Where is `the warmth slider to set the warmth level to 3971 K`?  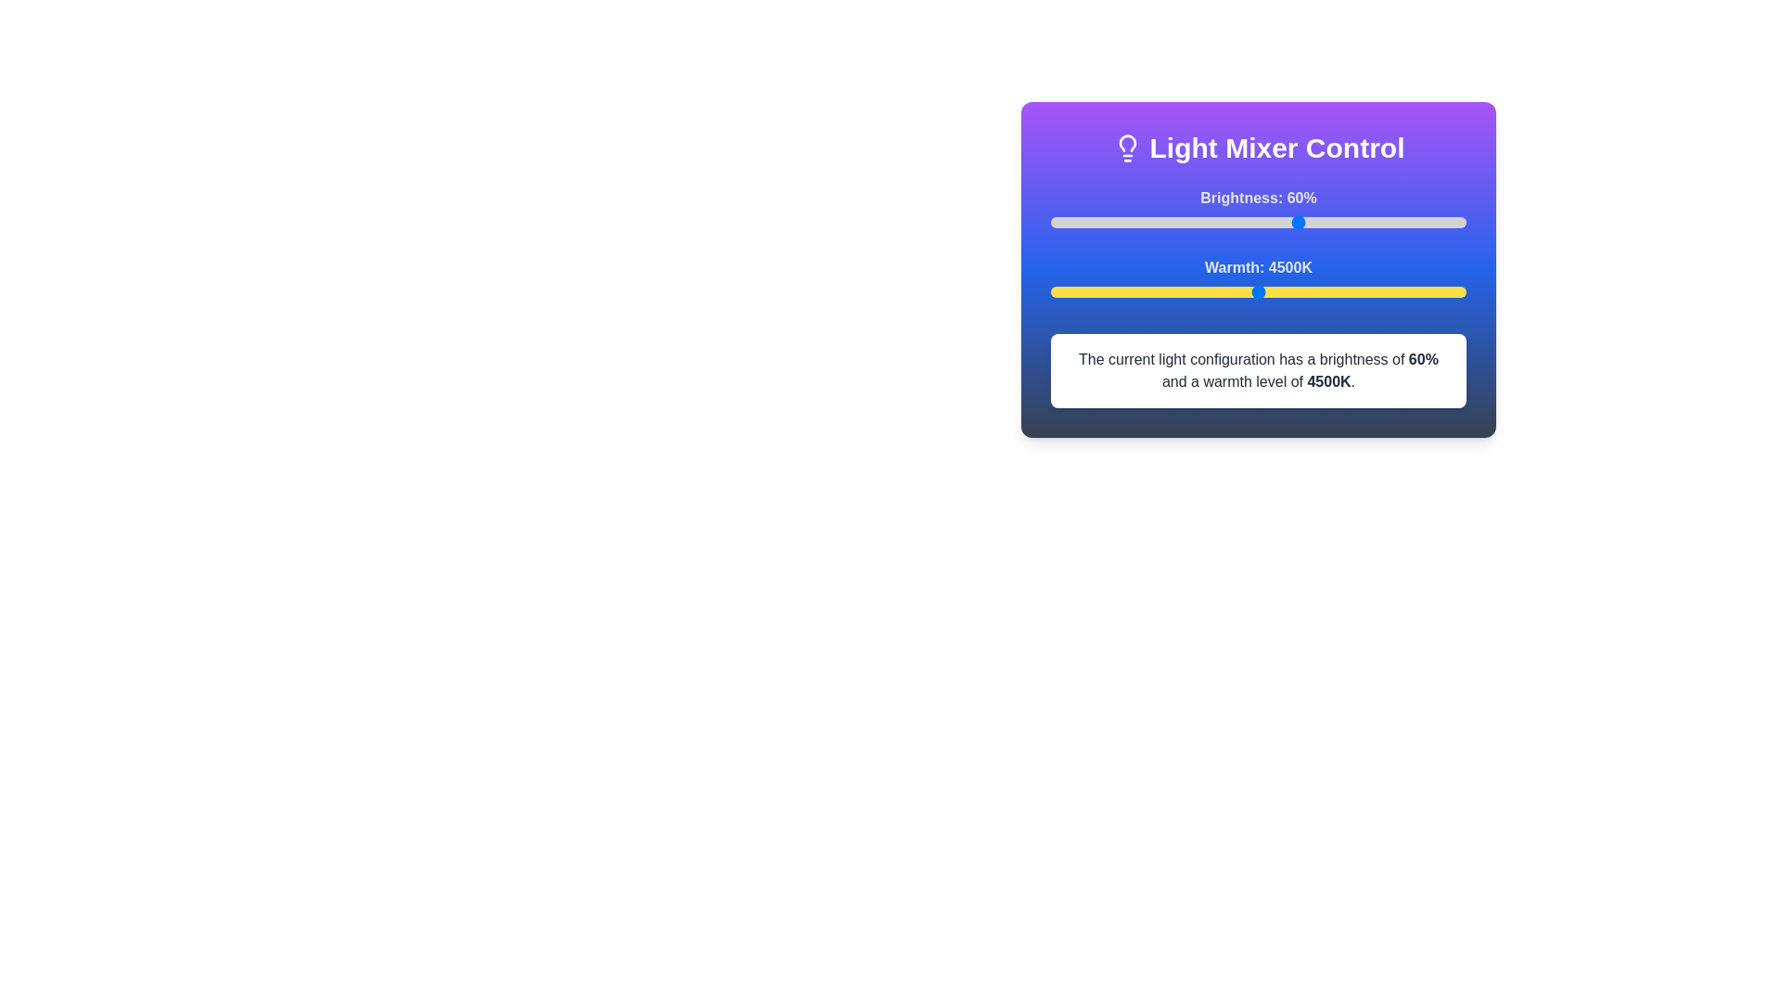 the warmth slider to set the warmth level to 3971 K is located at coordinates (1214, 292).